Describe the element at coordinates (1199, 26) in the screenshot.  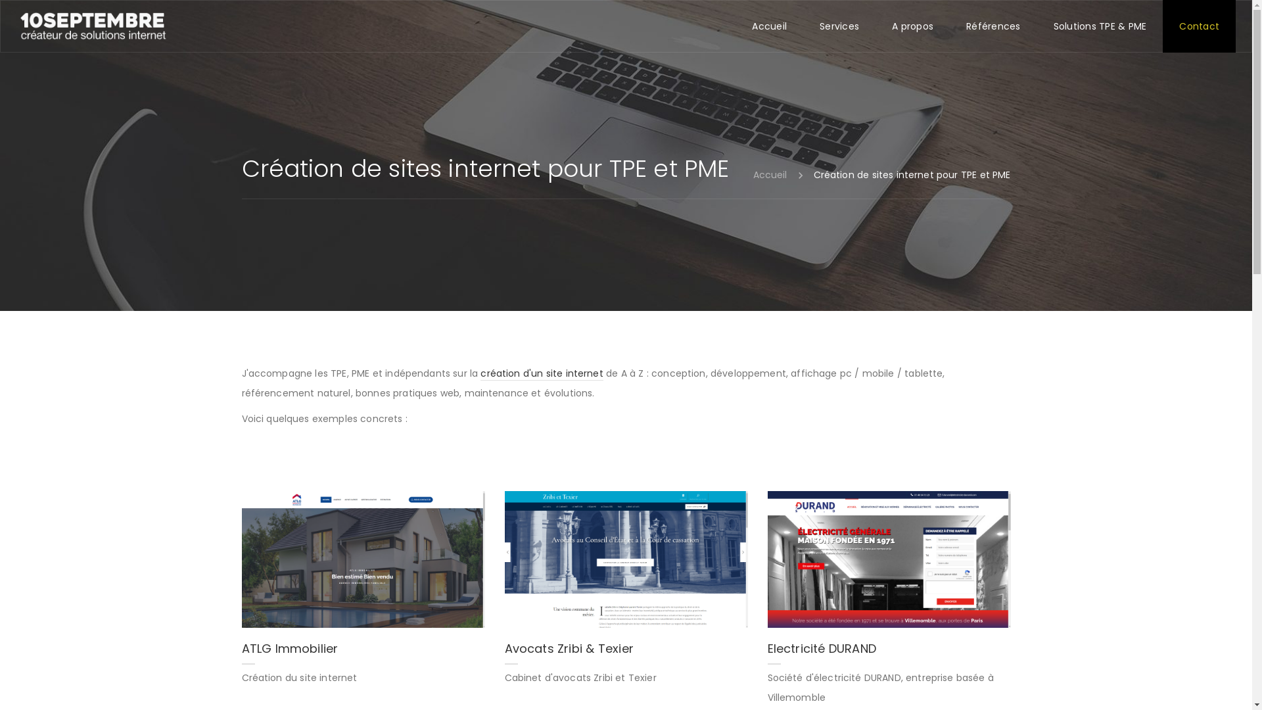
I see `'Contact'` at that location.